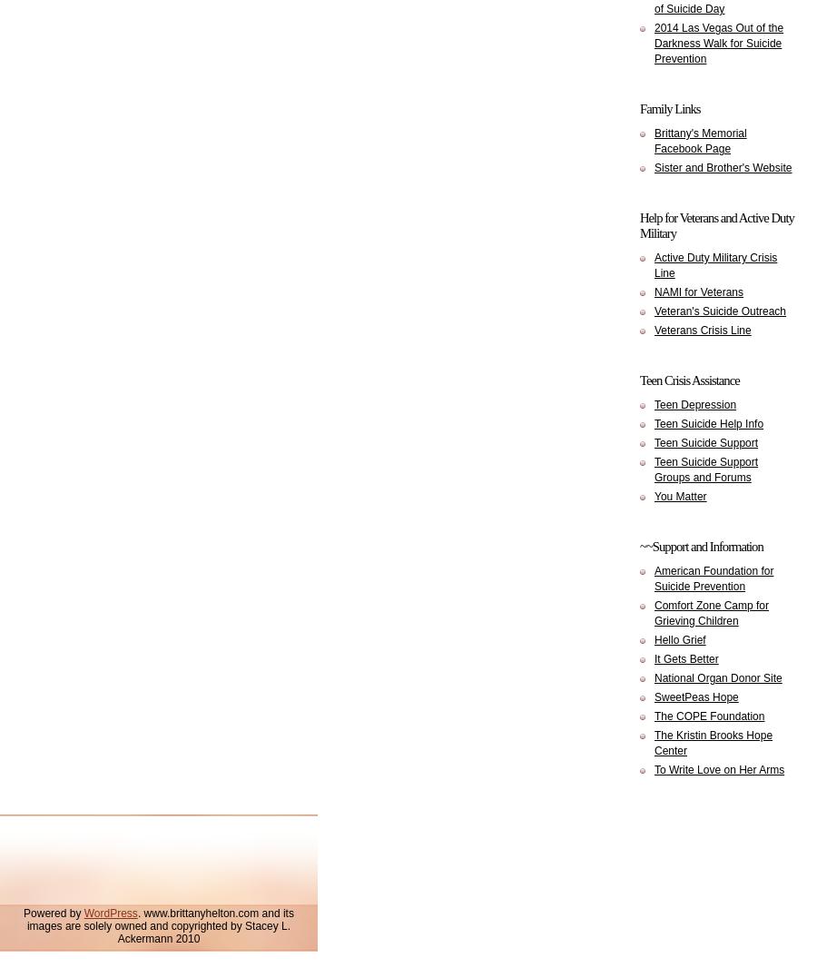  What do you see at coordinates (678, 639) in the screenshot?
I see `'Hello Grief'` at bounding box center [678, 639].